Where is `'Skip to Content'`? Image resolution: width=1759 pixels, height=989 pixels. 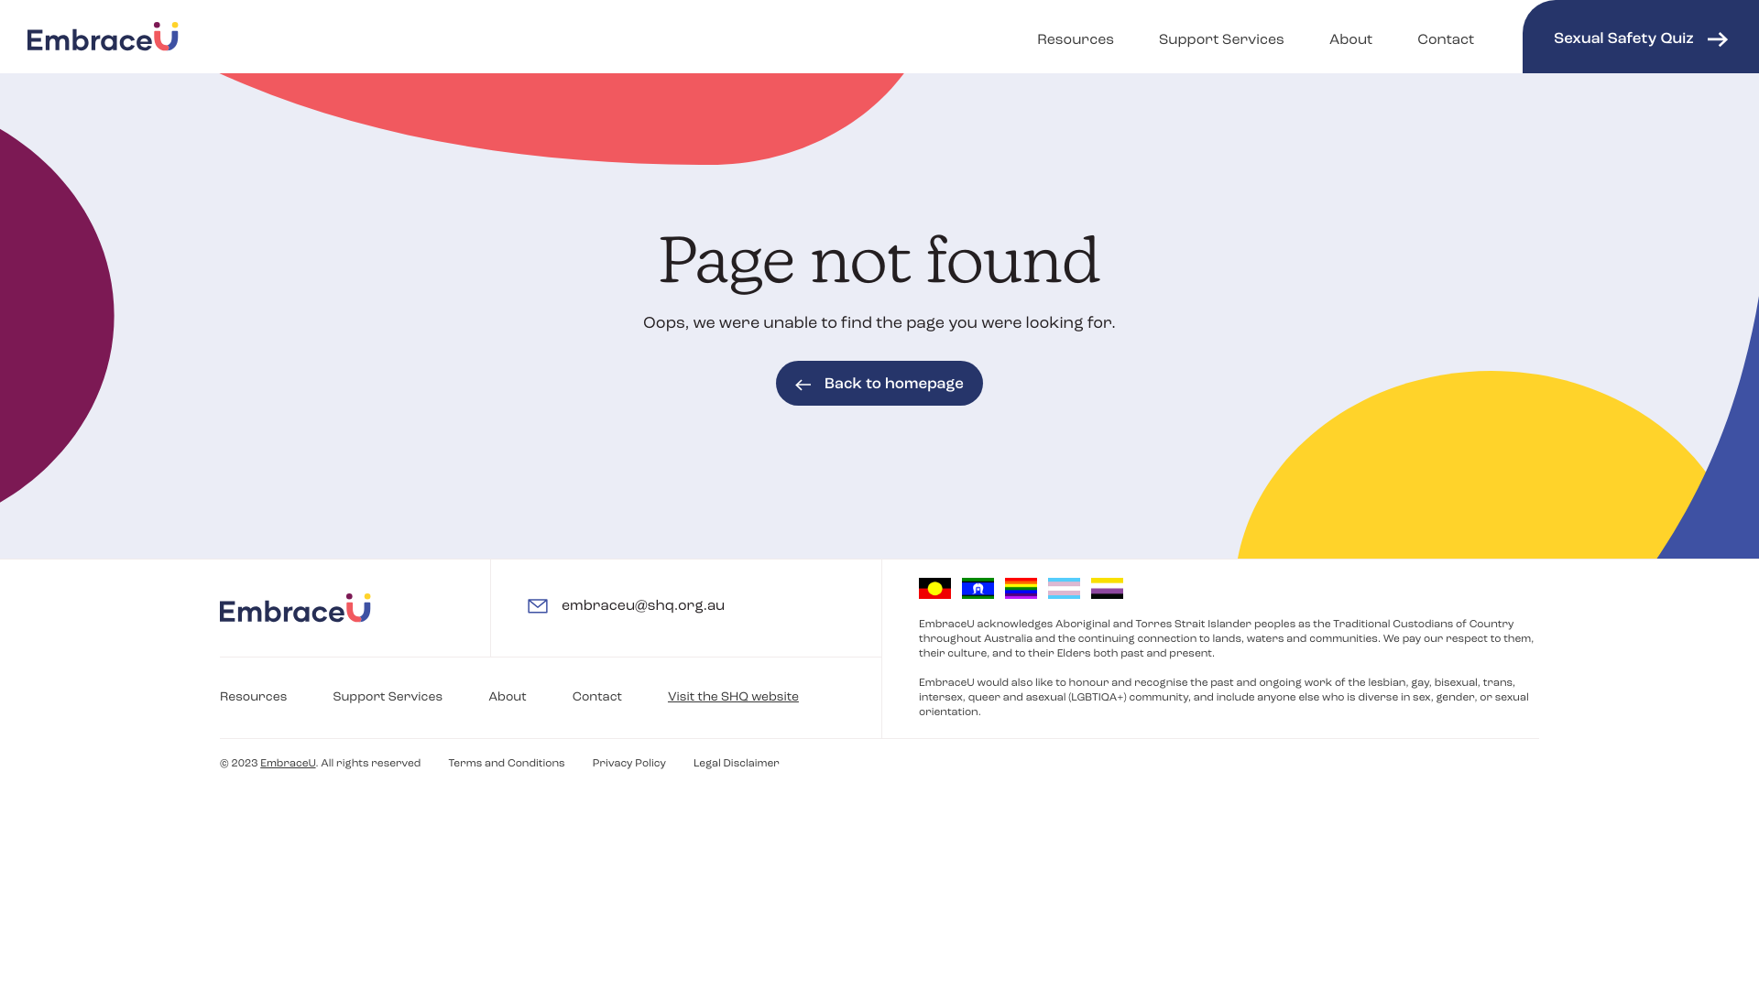
'Skip to Content' is located at coordinates (8, 8).